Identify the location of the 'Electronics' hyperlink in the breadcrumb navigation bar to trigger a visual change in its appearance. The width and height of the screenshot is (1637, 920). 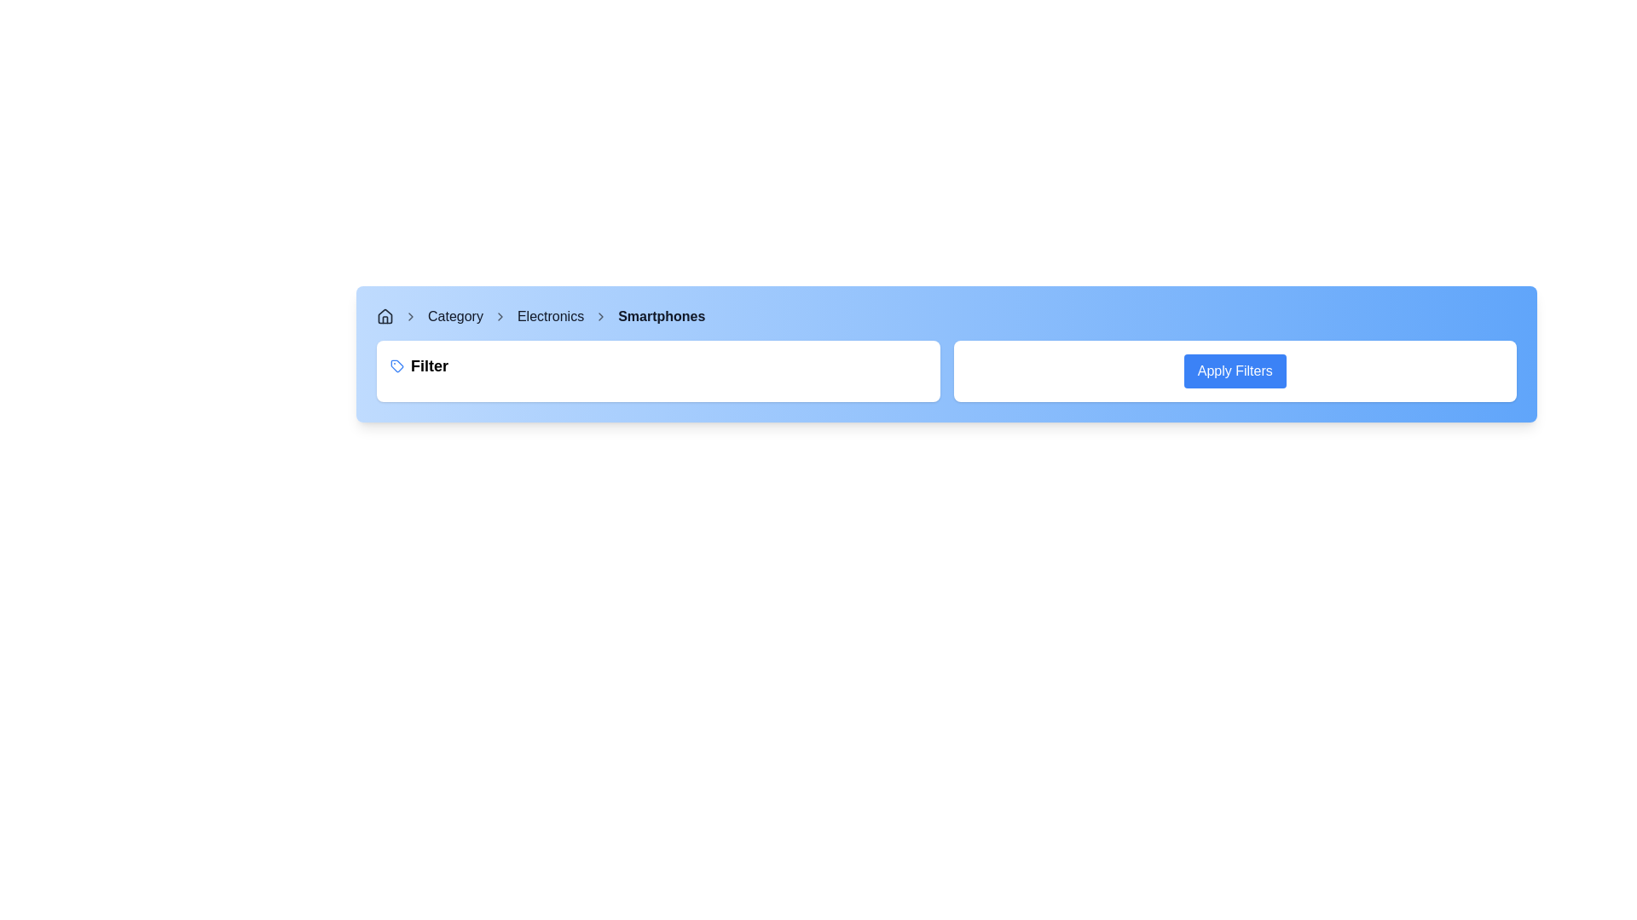
(551, 316).